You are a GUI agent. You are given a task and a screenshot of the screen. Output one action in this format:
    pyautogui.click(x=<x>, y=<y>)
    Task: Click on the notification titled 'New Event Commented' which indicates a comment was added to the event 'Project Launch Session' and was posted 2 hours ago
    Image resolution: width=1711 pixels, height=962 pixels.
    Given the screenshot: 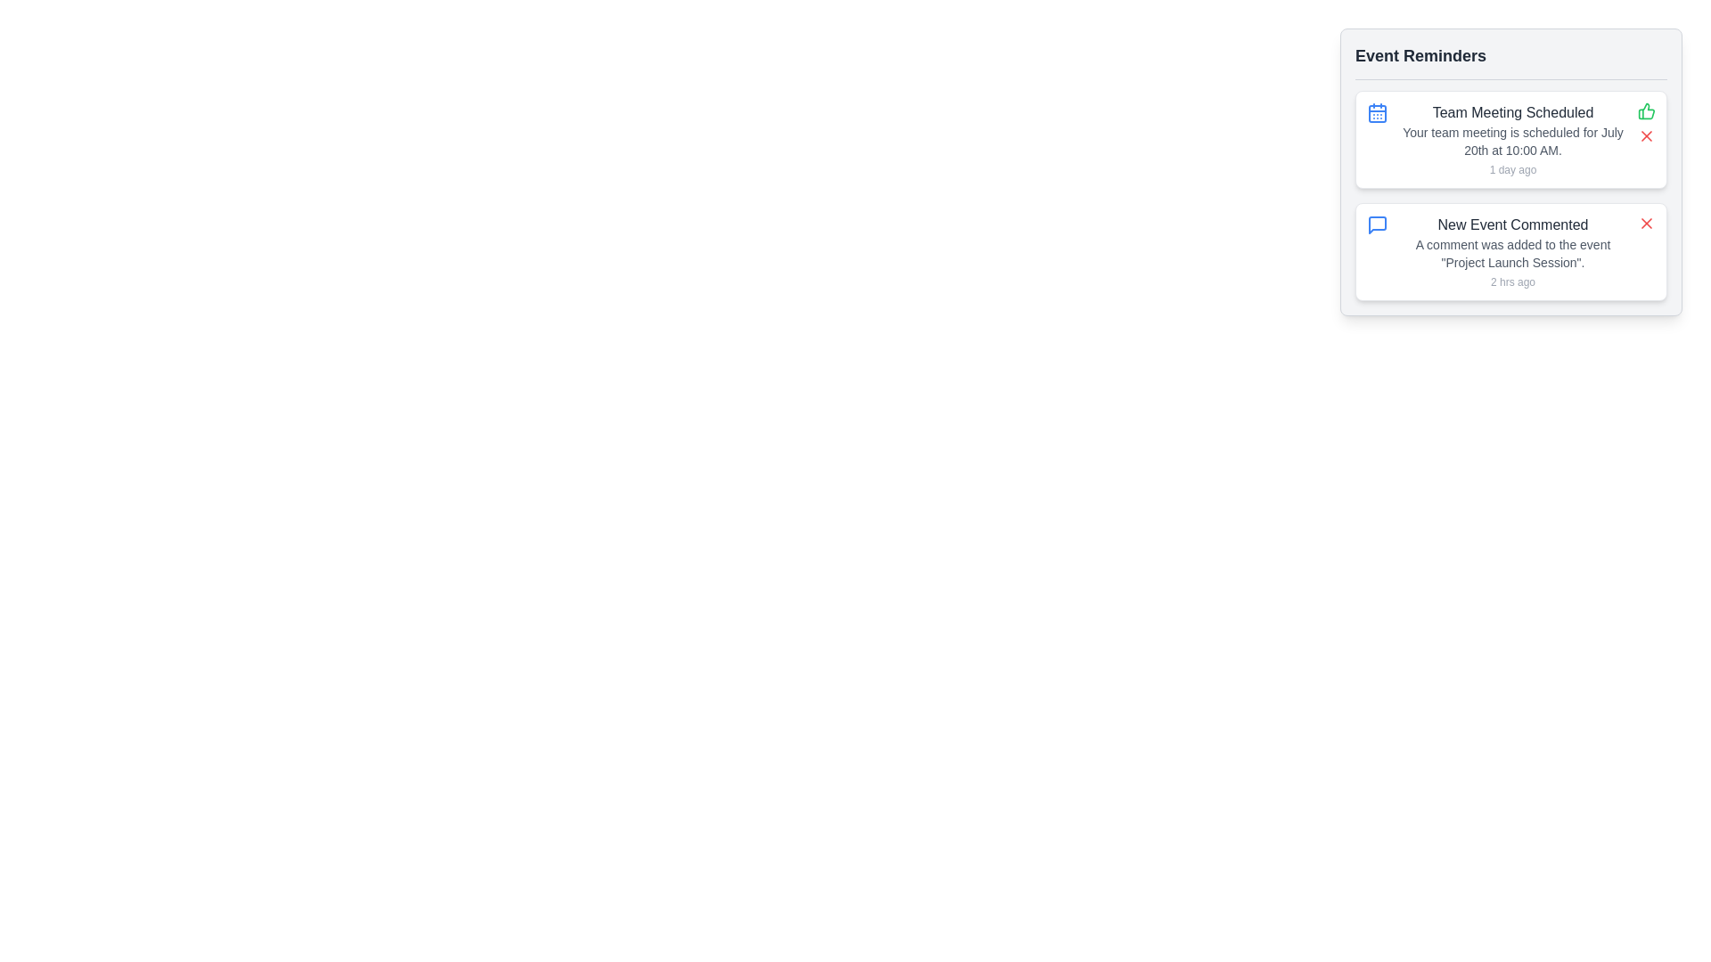 What is the action you would take?
    pyautogui.click(x=1512, y=251)
    